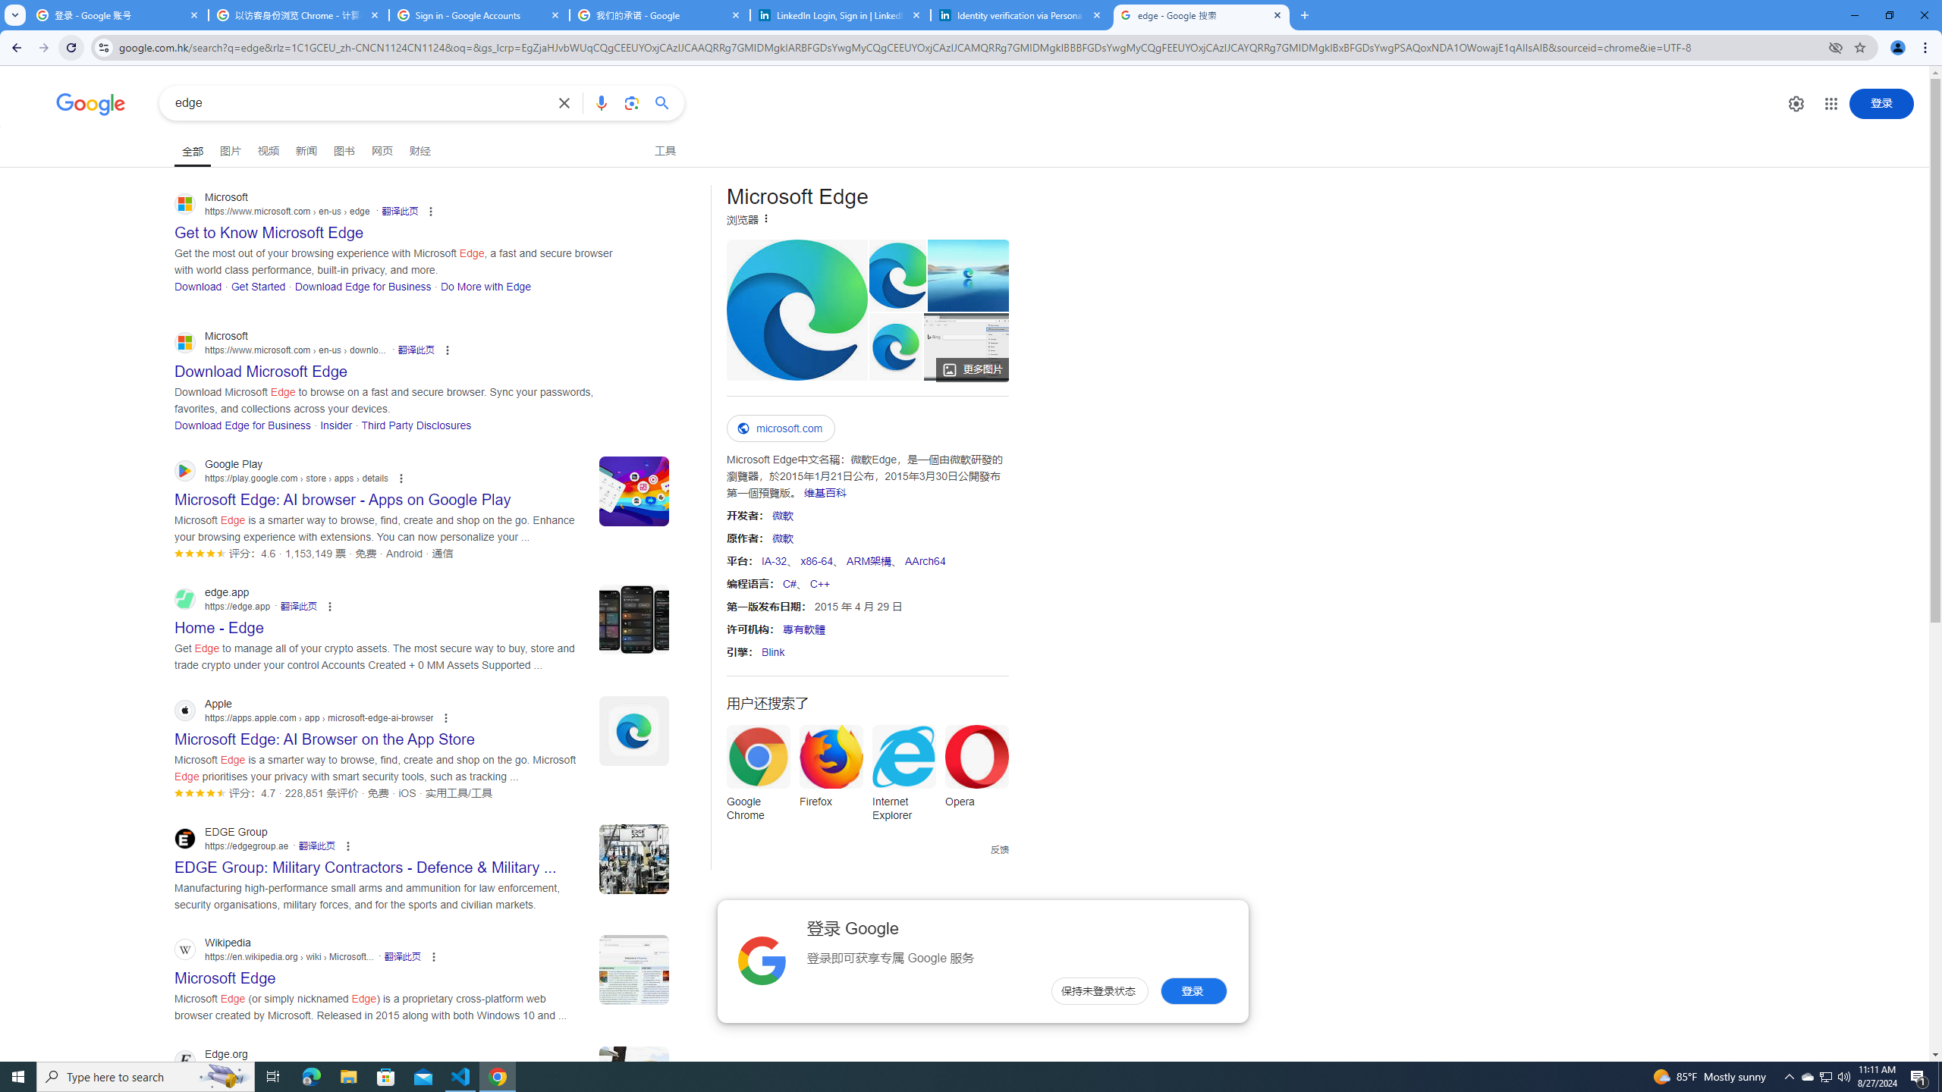  I want to click on 'Identity verification via Persona | LinkedIn Help', so click(1020, 14).